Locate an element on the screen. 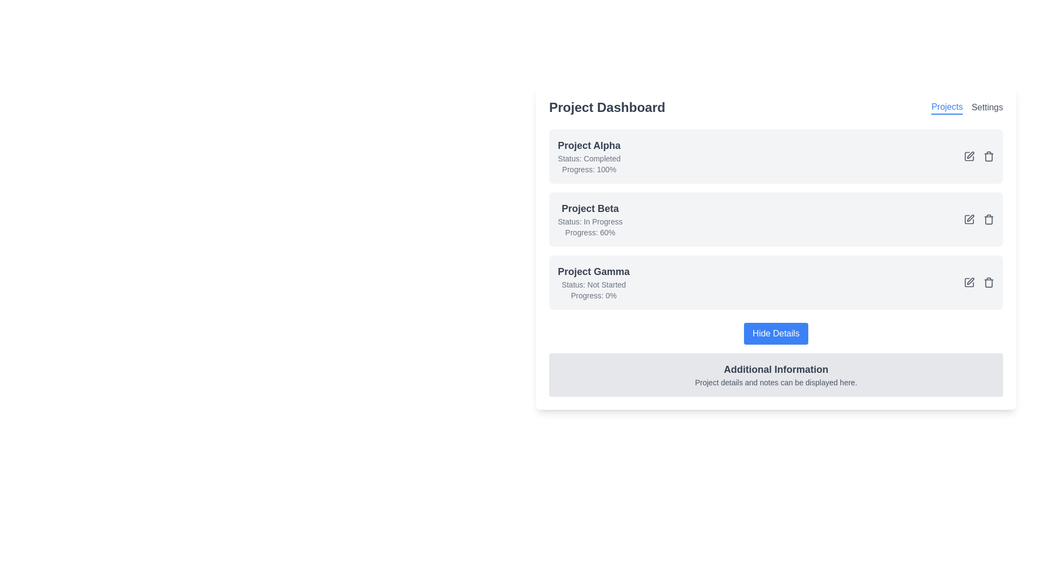 This screenshot has width=1045, height=587. the static text label displaying 'Project Beta', which is a medium-sized, bold, gray text located at the top of its entry in the project list is located at coordinates (589, 209).